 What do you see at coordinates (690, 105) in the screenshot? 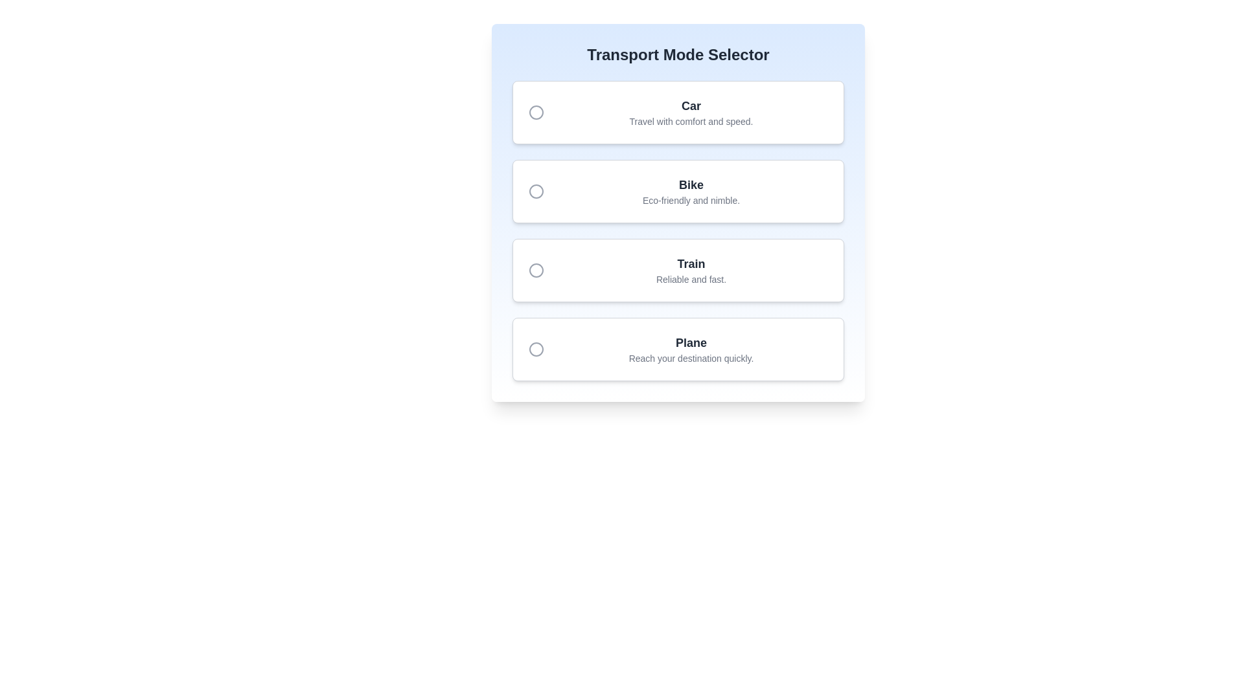
I see `the text label displaying 'Car' in bold, dark gray font, located at the top of the transport type selection box, centered above the description 'Travel with comfort and speed.'` at bounding box center [690, 105].